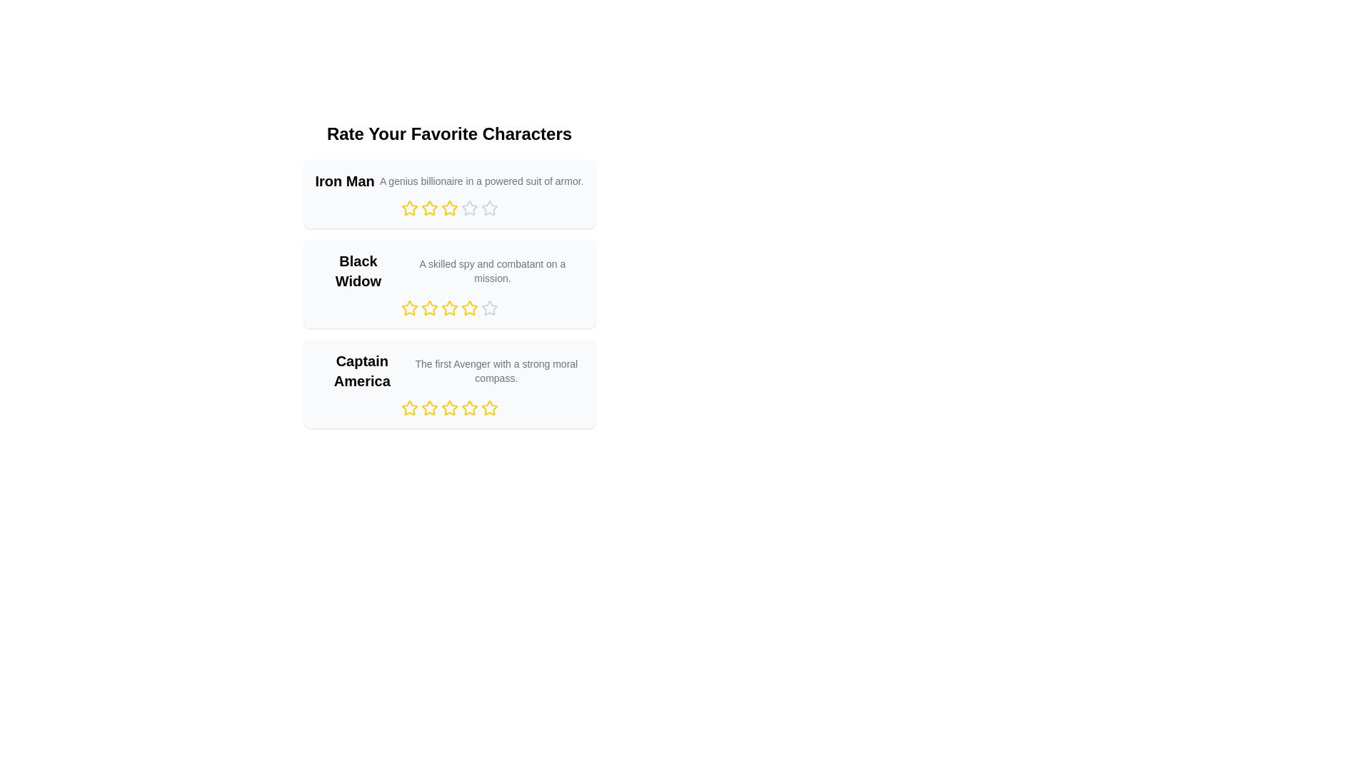 This screenshot has width=1371, height=771. I want to click on the textual label providing descriptive information about the character 'Iron Man', positioned below the text 'Iron Man', so click(481, 181).